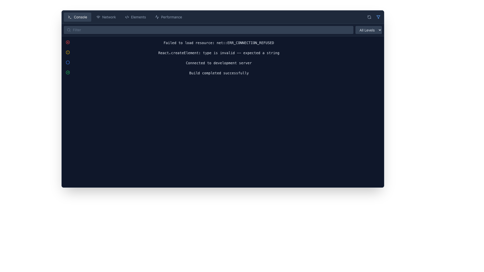  What do you see at coordinates (77, 17) in the screenshot?
I see `the navigation button located on the far left of the horizontal navigation bar` at bounding box center [77, 17].